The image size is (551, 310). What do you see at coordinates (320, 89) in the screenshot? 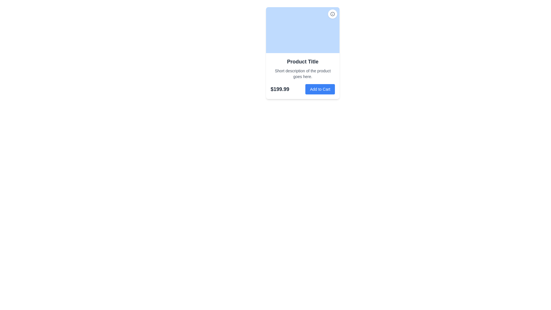
I see `the prominent blue button labeled 'Add to Cart'` at bounding box center [320, 89].